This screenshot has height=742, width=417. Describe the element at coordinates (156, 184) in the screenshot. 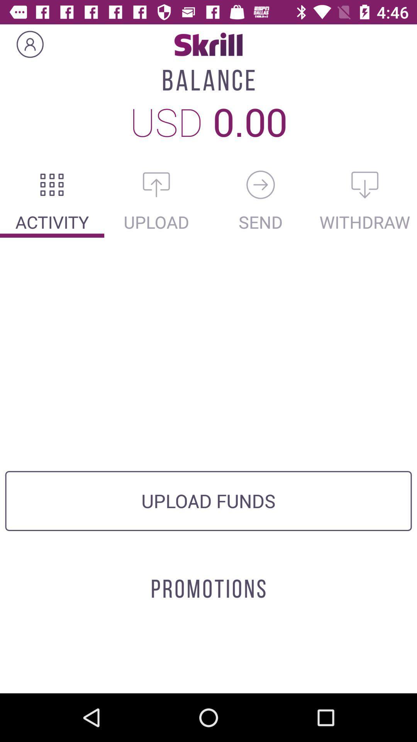

I see `upload button` at that location.